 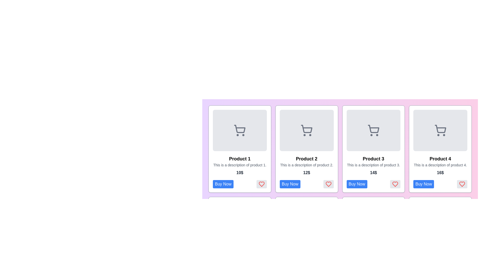 What do you see at coordinates (373, 173) in the screenshot?
I see `the text label displaying the price information of 'Product 3', which is located at the bottom middle section of the product card, below the description text and above the 'Buy Now' button` at bounding box center [373, 173].